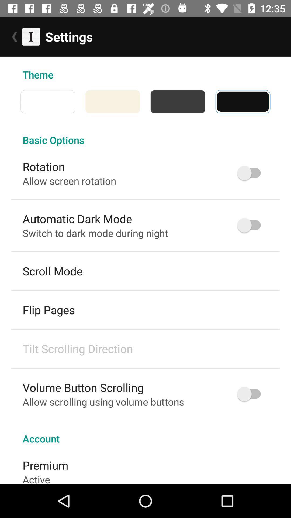 The height and width of the screenshot is (518, 291). Describe the element at coordinates (69, 181) in the screenshot. I see `the allow screen rotation icon` at that location.